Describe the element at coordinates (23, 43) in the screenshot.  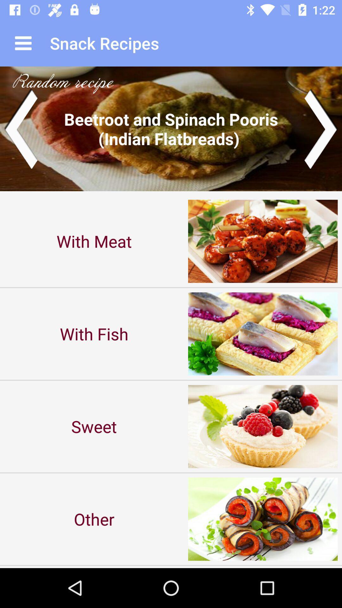
I see `item next to the snack recipes app` at that location.